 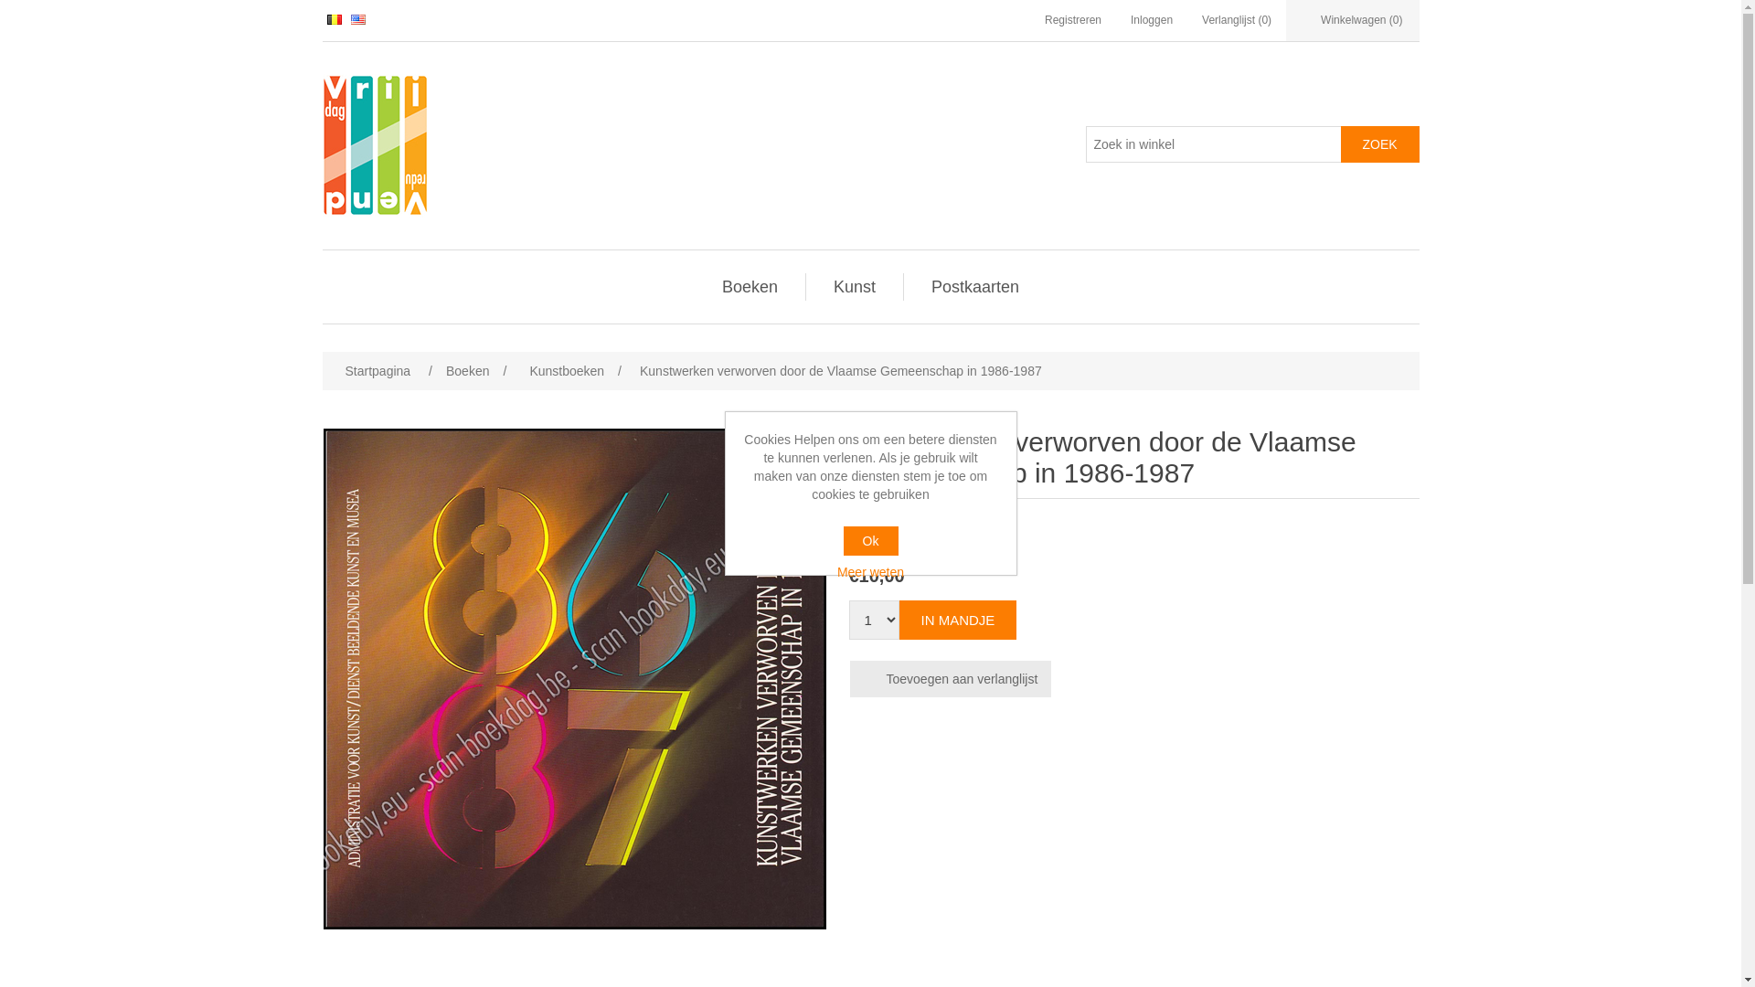 What do you see at coordinates (951, 679) in the screenshot?
I see `'Toevoegen aan verlanglijst'` at bounding box center [951, 679].